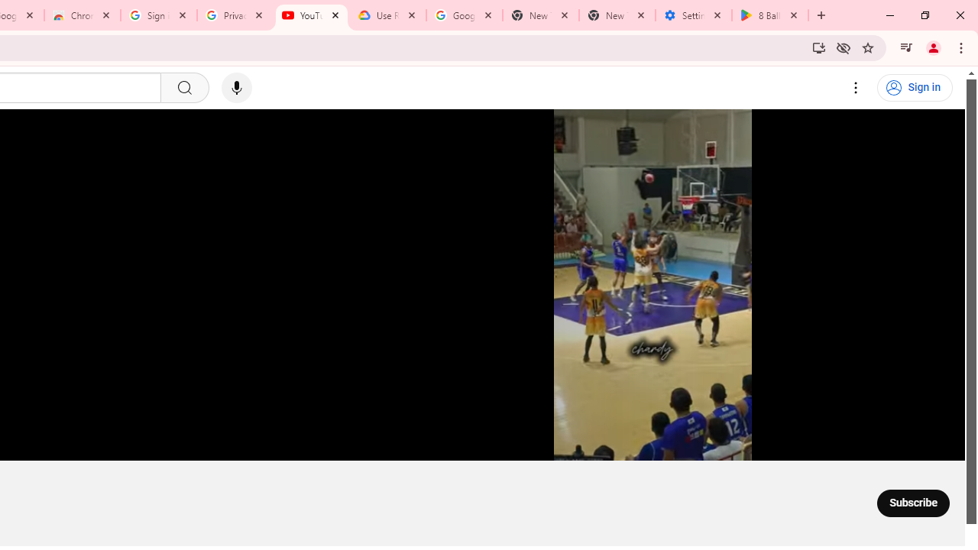 The image size is (978, 550). I want to click on 'YouTube', so click(311, 15).